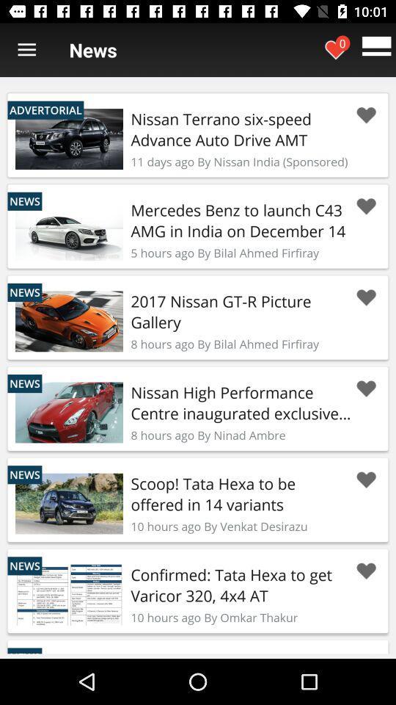 The width and height of the screenshot is (396, 705). What do you see at coordinates (365, 570) in the screenshot?
I see `this article` at bounding box center [365, 570].